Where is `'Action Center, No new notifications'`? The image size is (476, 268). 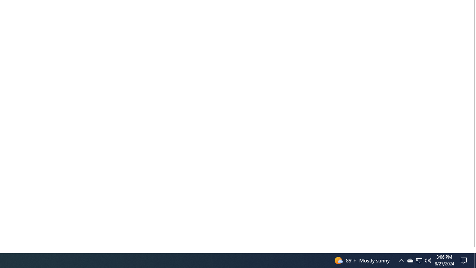 'Action Center, No new notifications' is located at coordinates (465, 260).